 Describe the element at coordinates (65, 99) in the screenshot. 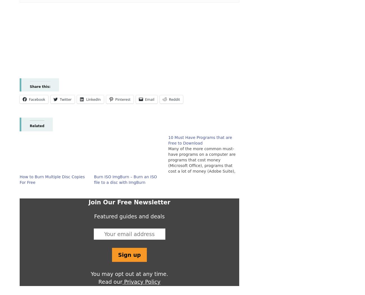

I see `'Twitter'` at that location.